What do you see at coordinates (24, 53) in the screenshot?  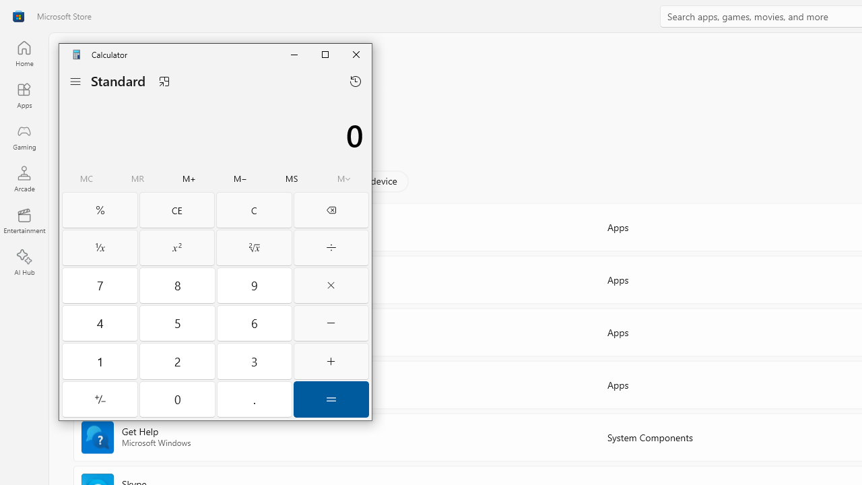 I see `'Home'` at bounding box center [24, 53].